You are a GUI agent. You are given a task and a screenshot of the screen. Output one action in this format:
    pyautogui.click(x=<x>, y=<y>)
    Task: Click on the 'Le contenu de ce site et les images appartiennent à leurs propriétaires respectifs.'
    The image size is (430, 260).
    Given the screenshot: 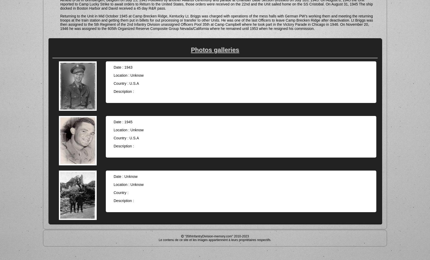 What is the action you would take?
    pyautogui.click(x=214, y=240)
    